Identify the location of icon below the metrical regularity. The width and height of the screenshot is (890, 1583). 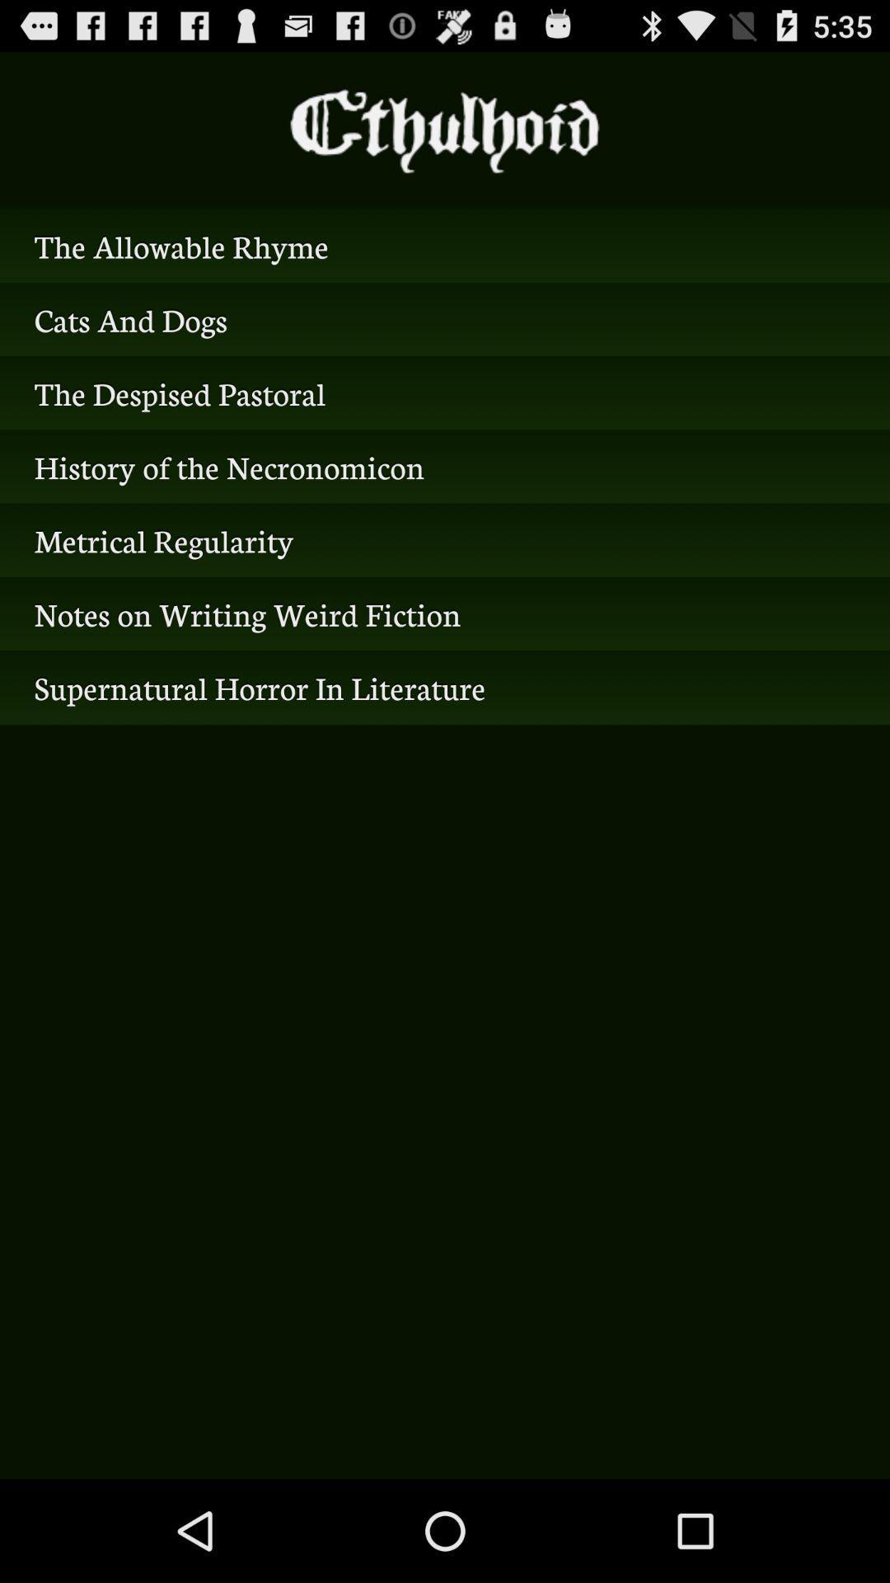
(445, 613).